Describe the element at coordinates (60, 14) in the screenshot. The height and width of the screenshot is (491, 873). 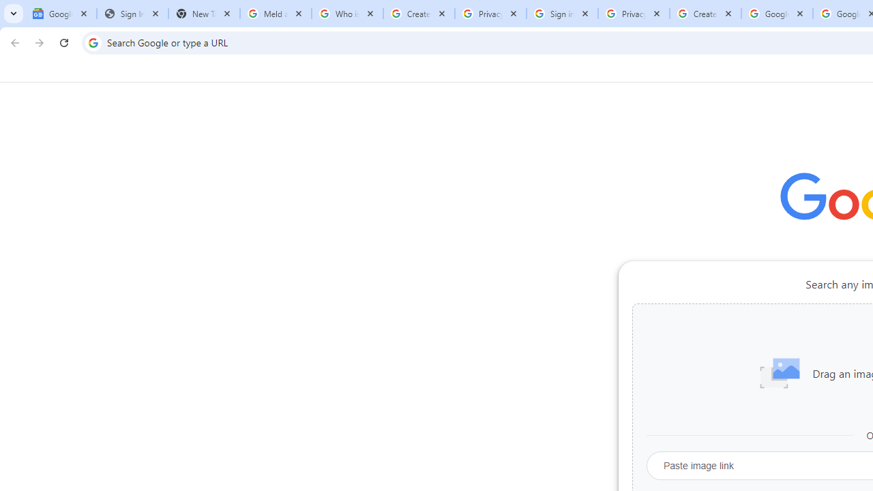
I see `'Google News'` at that location.